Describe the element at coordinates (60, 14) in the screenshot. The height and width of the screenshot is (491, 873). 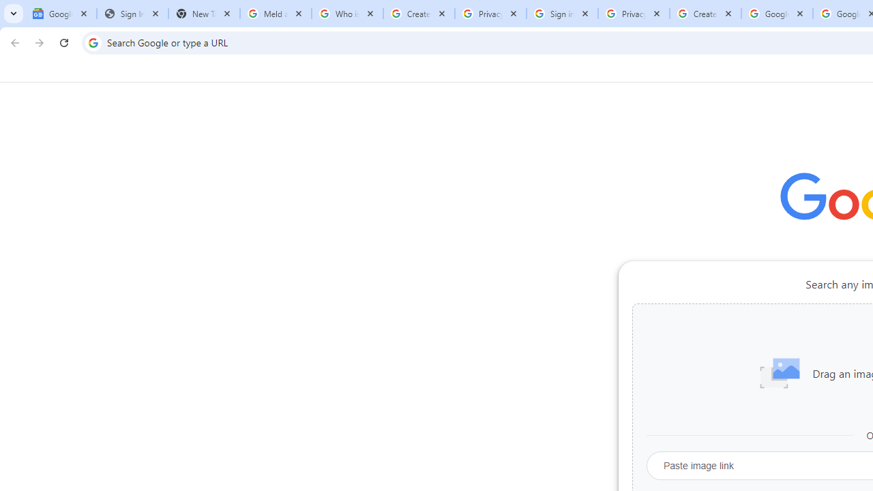
I see `'Google News'` at that location.